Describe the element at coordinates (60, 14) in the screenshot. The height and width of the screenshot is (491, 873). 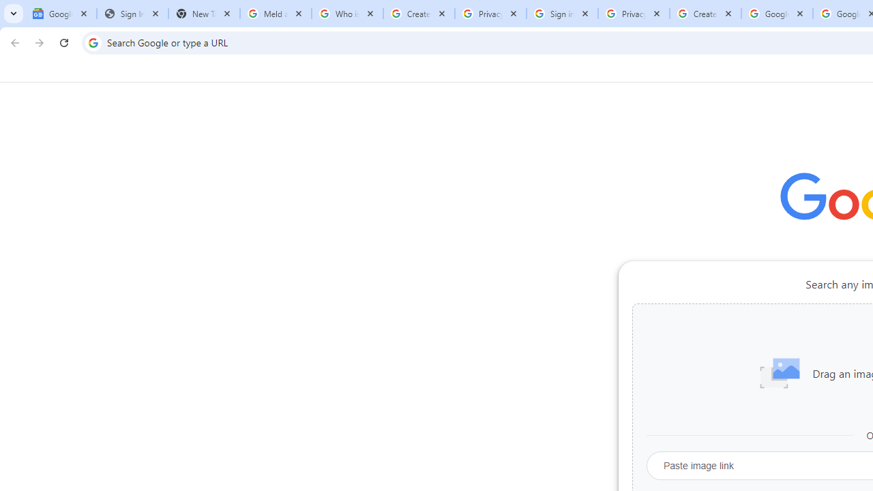
I see `'Google News'` at that location.